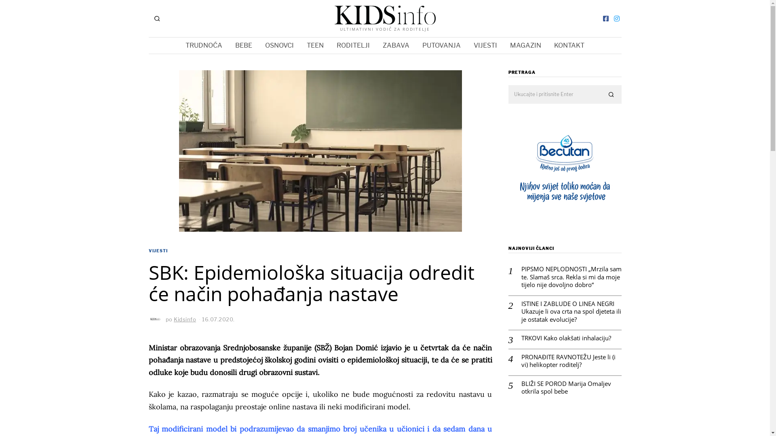  Describe the element at coordinates (504, 45) in the screenshot. I see `'MAGAZIN'` at that location.